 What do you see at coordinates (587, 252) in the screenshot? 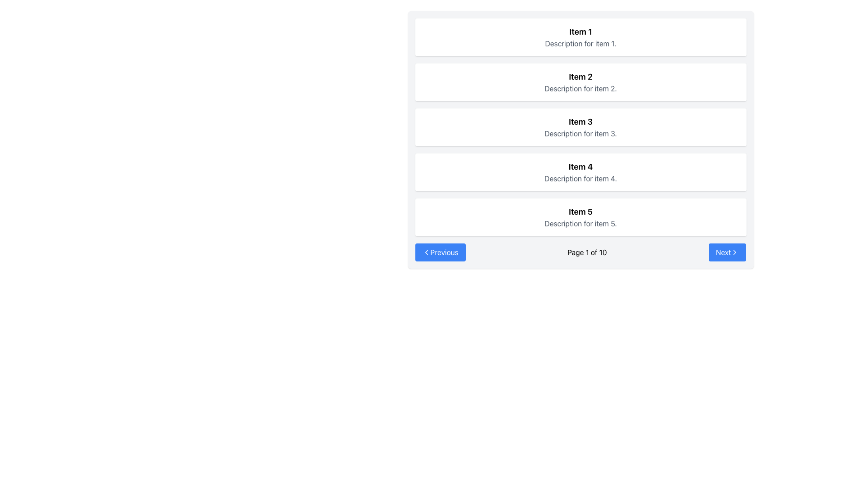
I see `the Text Label that indicates the current page in a paginated series, located in the center of the navigation bar below the main content` at bounding box center [587, 252].